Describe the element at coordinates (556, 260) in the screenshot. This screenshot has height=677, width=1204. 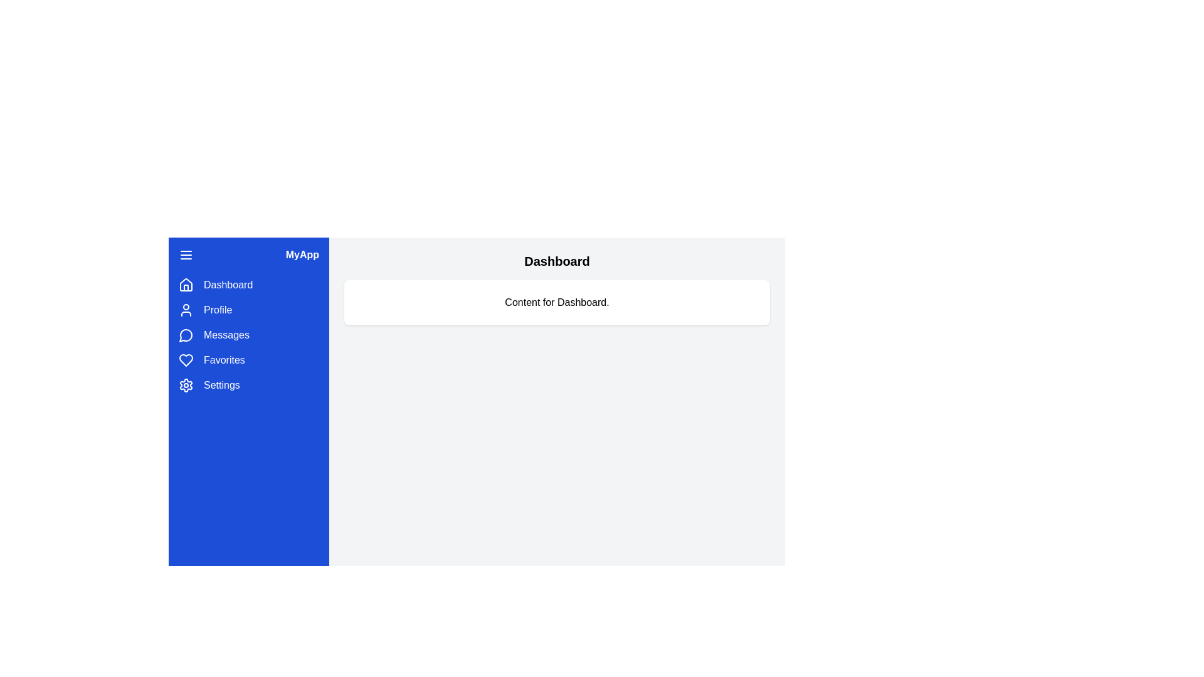
I see `the primary heading or title of the current page labeled 'Dashboard', which is located at the top of the main content area, centered horizontally above the content section labeled 'Content for Dashboard'` at that location.